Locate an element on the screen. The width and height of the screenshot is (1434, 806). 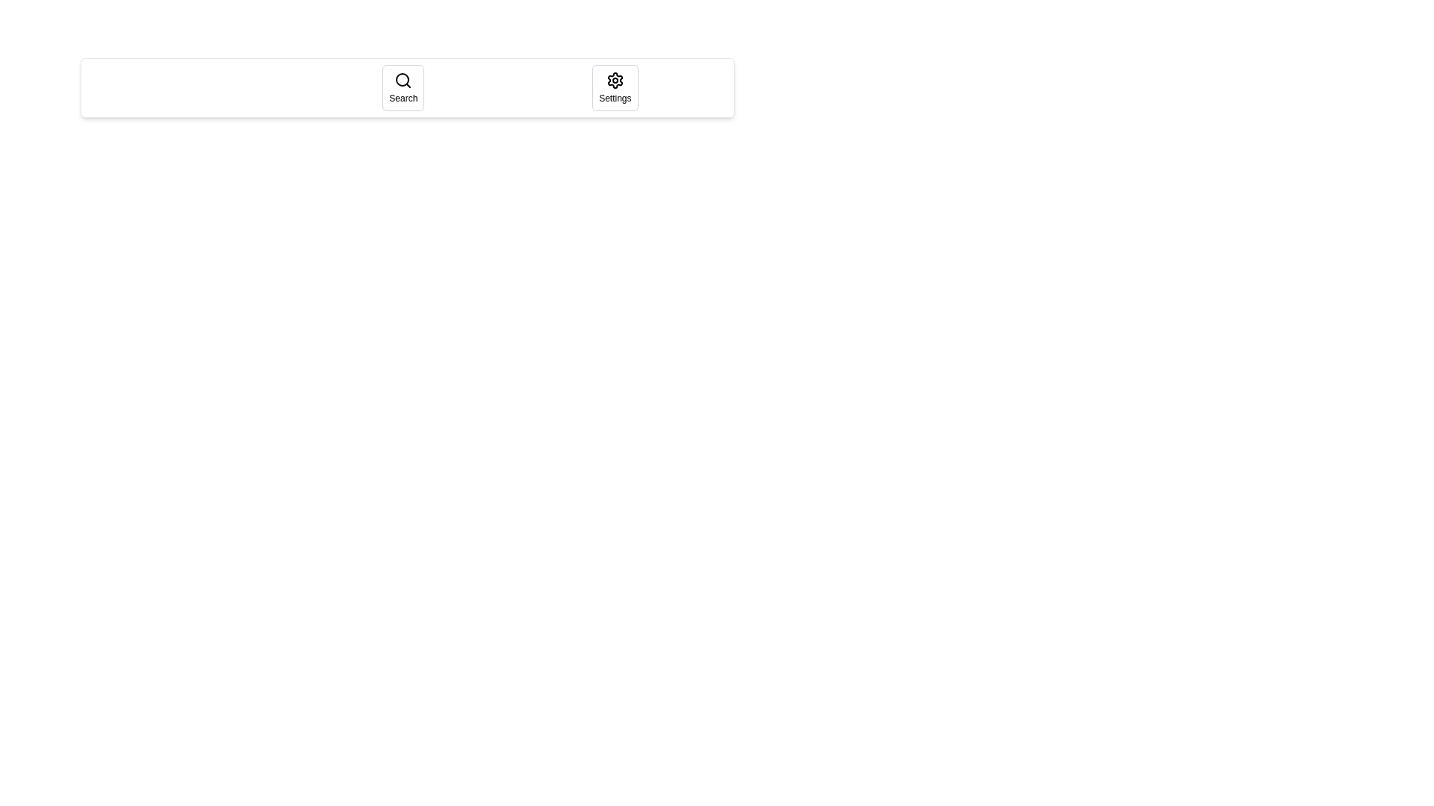
the third interactive button in the group of three, which navigates to the settings page is located at coordinates (615, 88).